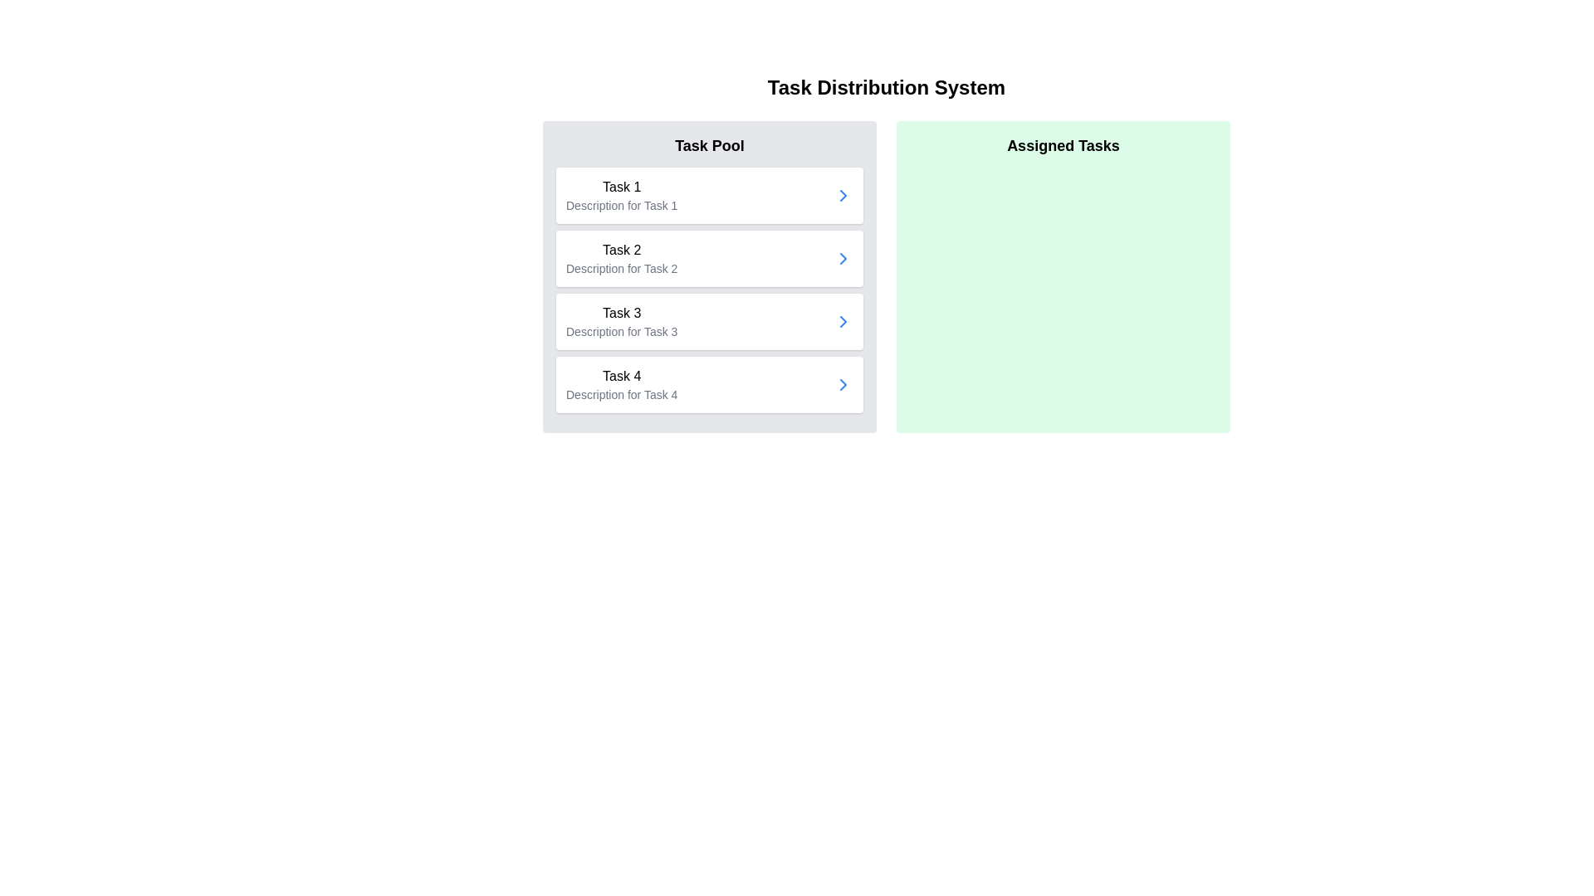 This screenshot has height=896, width=1594. What do you see at coordinates (621, 268) in the screenshot?
I see `the text label that provides additional information about 'Task 2' located in the second list item of the 'Task Pool' section` at bounding box center [621, 268].